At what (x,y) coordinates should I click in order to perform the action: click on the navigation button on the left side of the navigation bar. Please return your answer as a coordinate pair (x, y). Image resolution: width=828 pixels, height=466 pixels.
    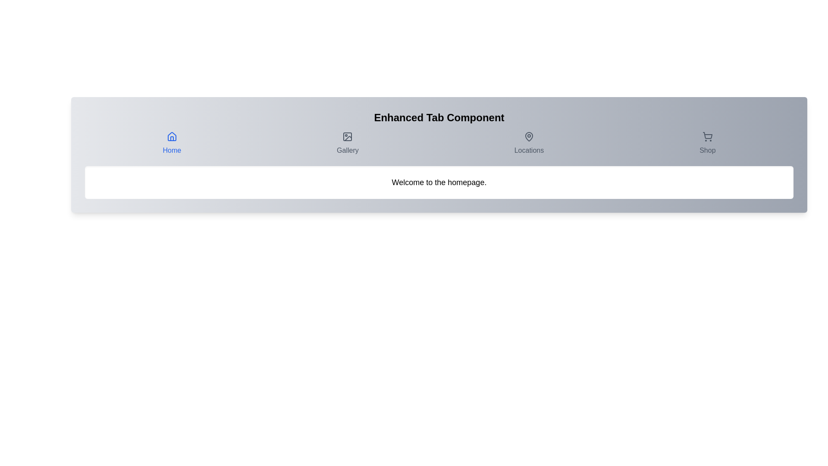
    Looking at the image, I should click on (172, 143).